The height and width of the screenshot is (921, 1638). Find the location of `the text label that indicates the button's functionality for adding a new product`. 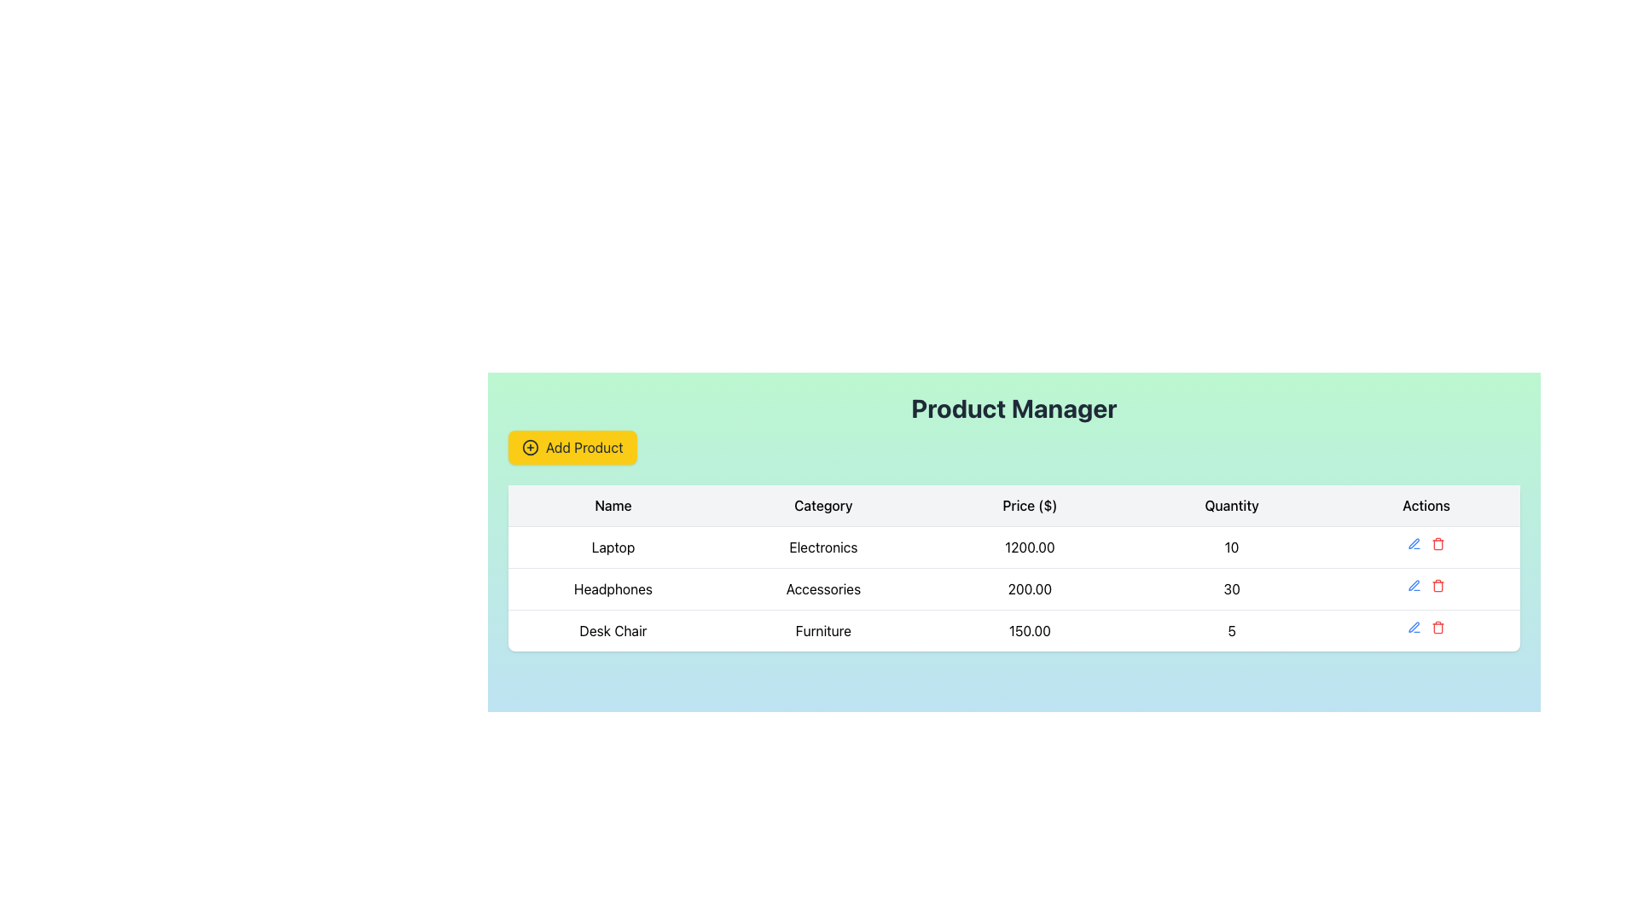

the text label that indicates the button's functionality for adding a new product is located at coordinates (584, 446).